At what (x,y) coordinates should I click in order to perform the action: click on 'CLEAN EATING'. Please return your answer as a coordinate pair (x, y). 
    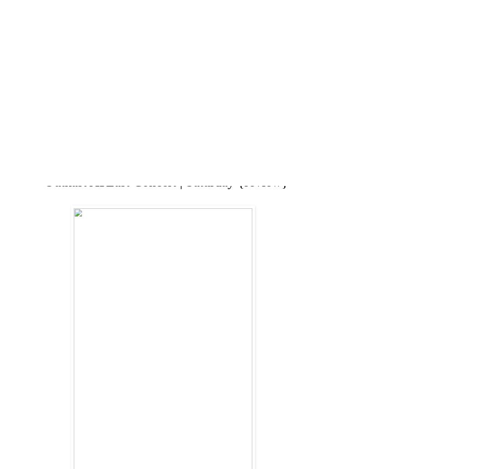
    Looking at the image, I should click on (292, 128).